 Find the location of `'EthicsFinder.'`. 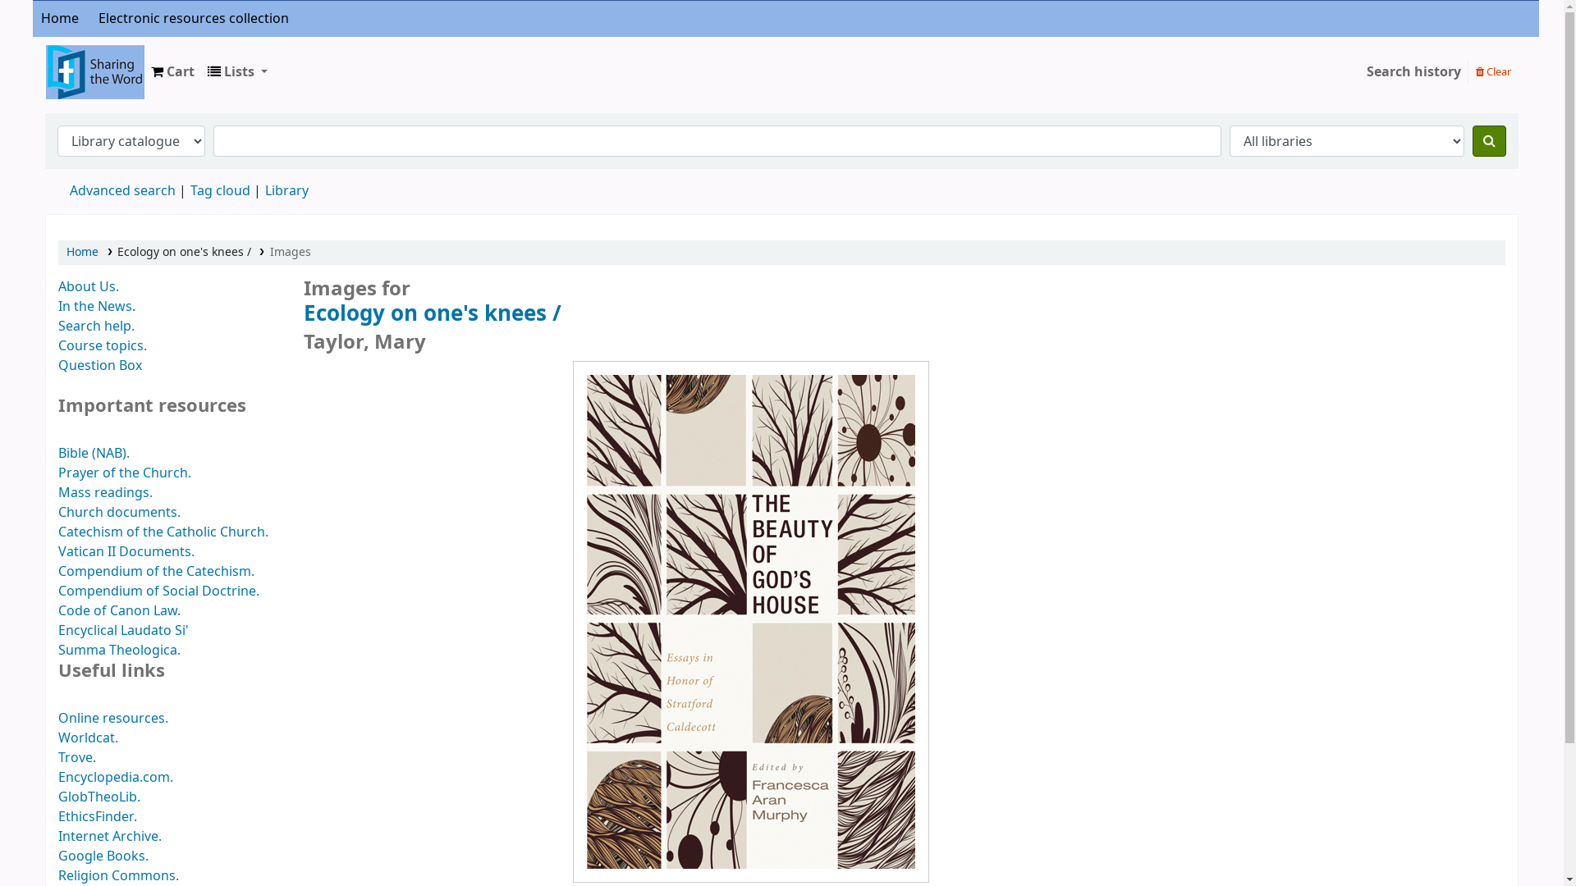

'EthicsFinder.' is located at coordinates (97, 816).